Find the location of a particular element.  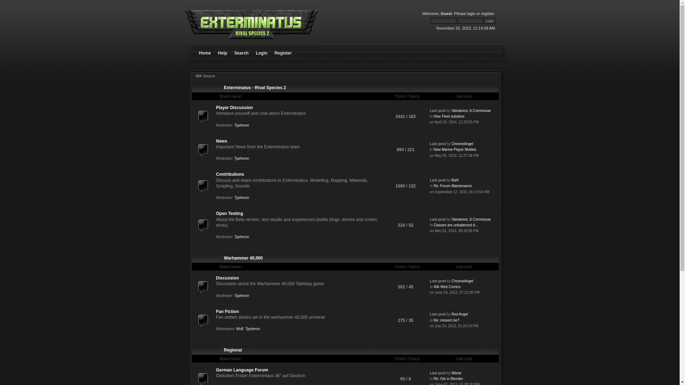

'Red Angel' is located at coordinates (459, 314).